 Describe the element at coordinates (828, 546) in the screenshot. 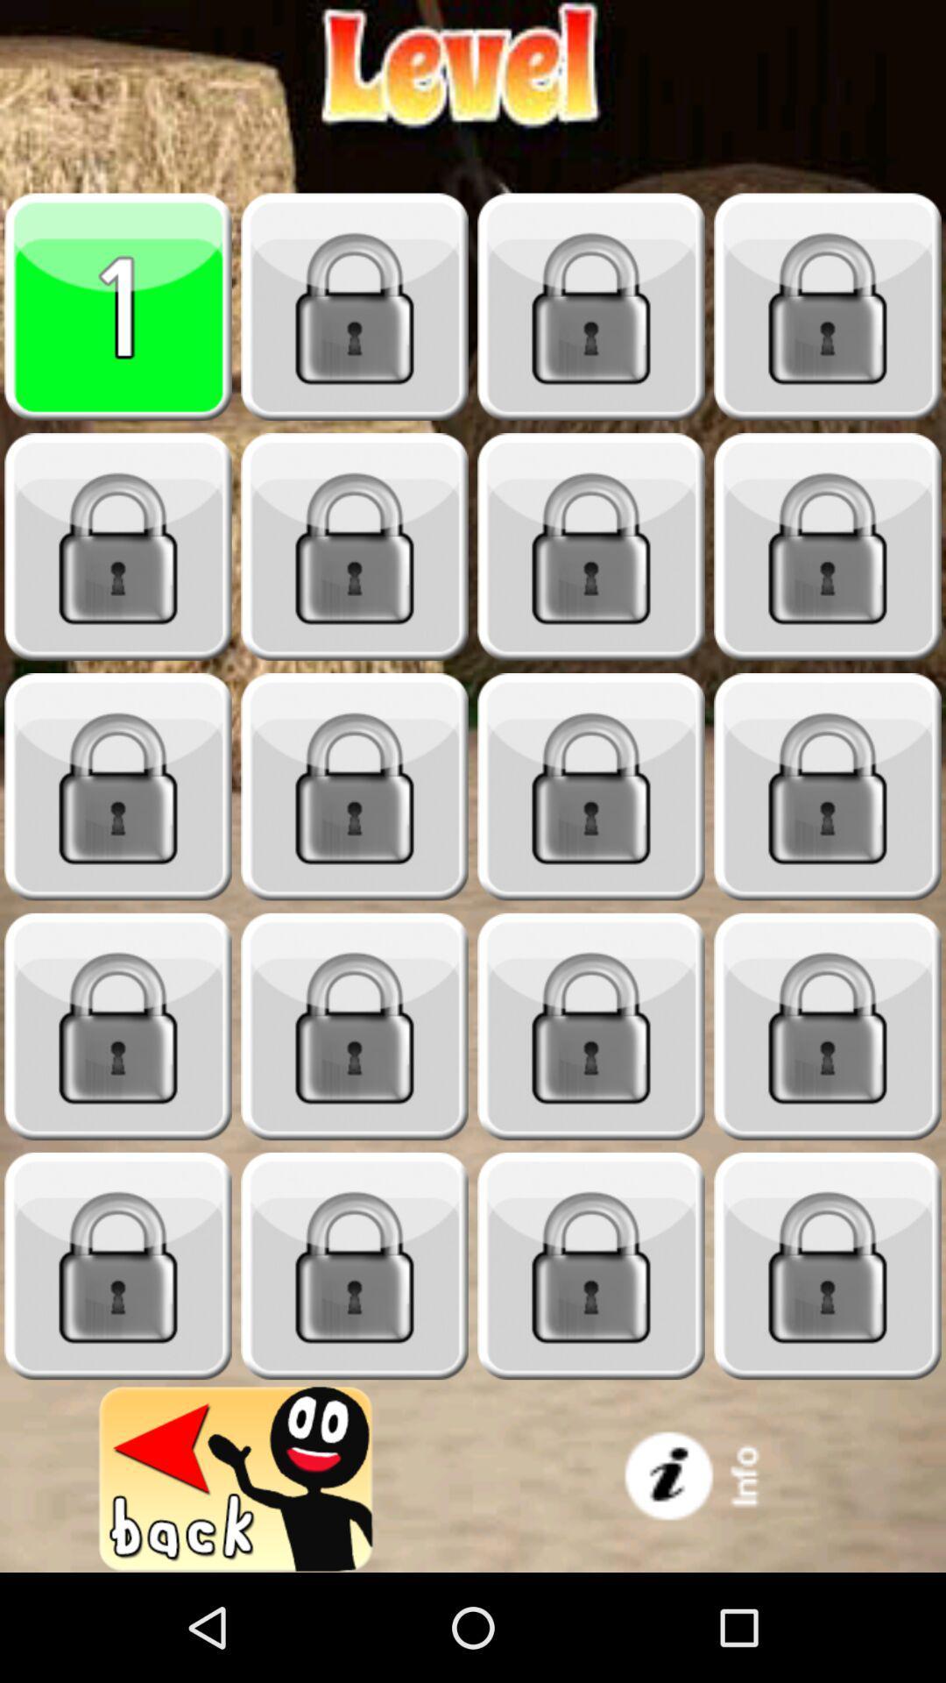

I see `8th tile` at that location.